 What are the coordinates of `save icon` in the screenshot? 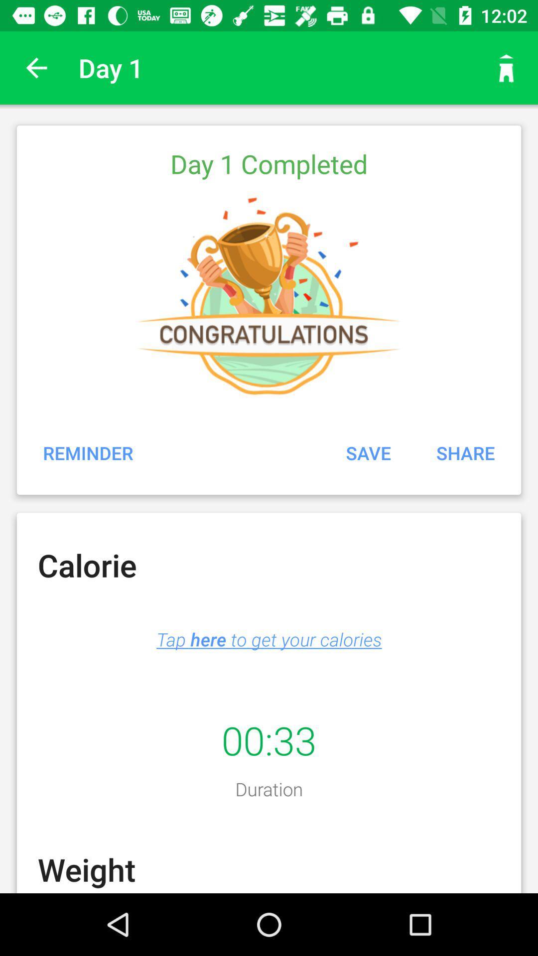 It's located at (368, 452).